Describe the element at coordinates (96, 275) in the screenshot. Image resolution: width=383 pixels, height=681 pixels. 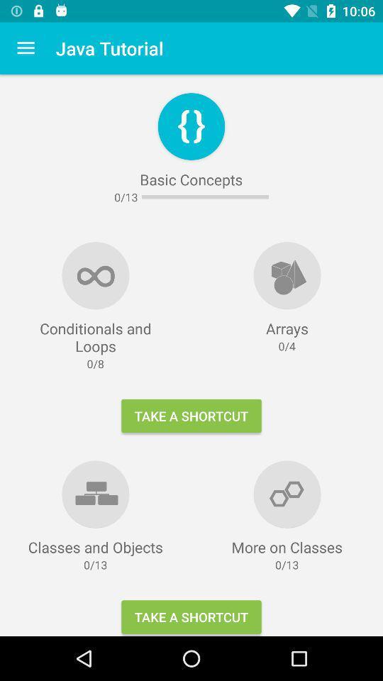
I see `the icon above the button conditionals and loops on the web page` at that location.